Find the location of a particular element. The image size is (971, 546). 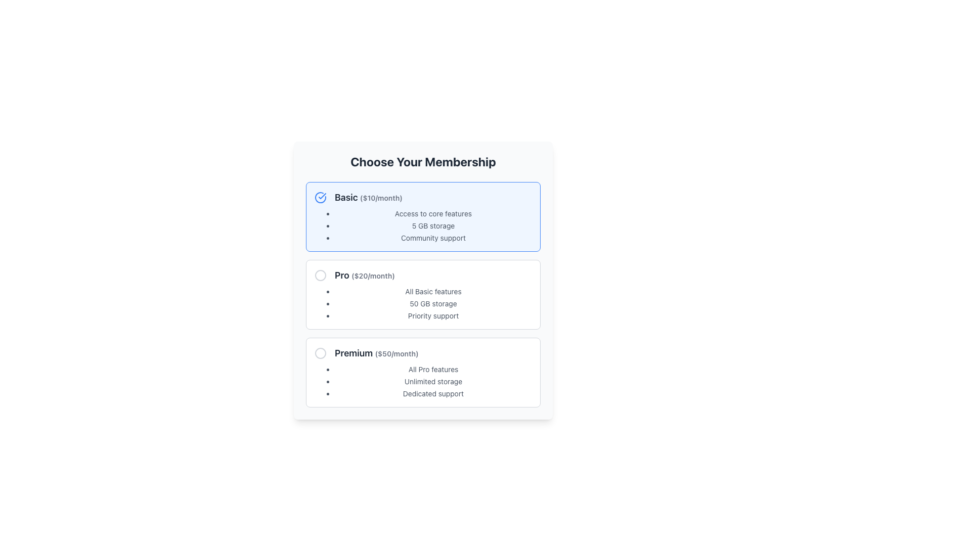

the text display showing '($50/month)' which is located within the Premium membership card is located at coordinates (396, 353).